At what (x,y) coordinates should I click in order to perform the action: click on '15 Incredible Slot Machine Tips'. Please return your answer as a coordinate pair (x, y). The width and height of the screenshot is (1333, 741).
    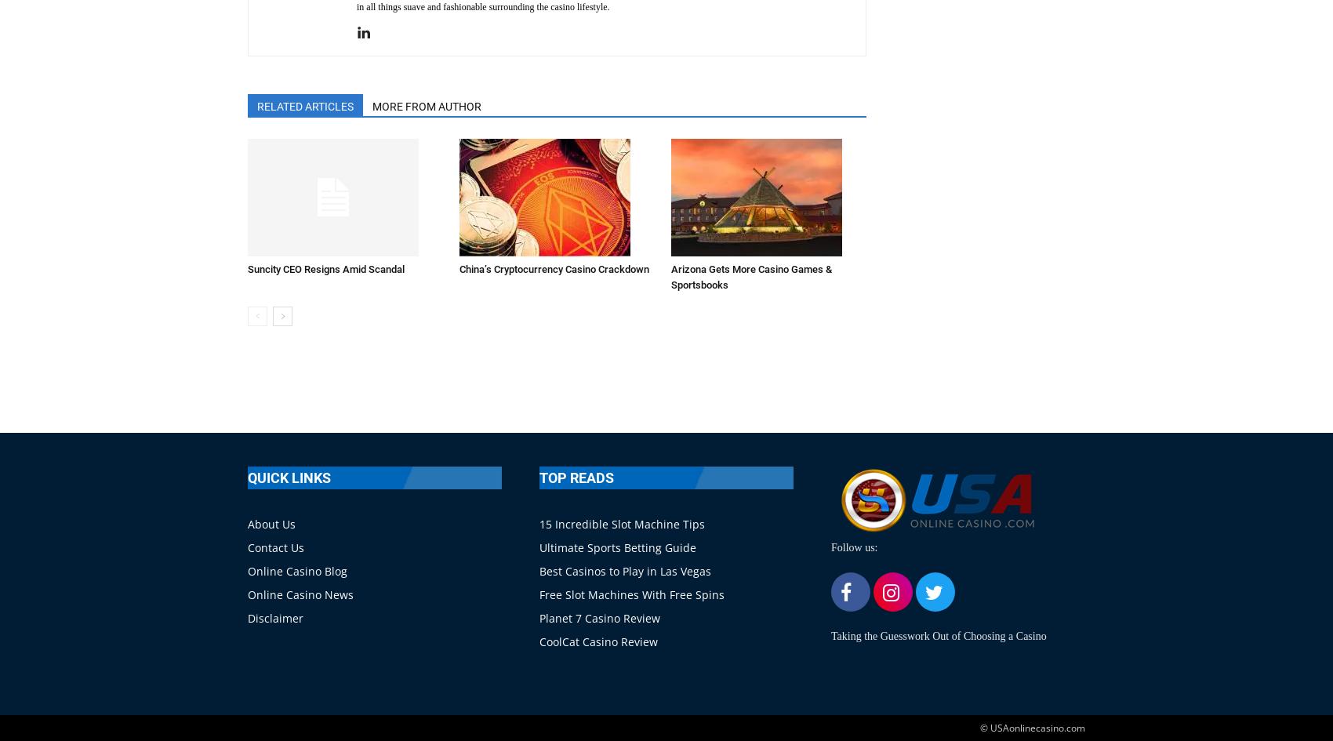
    Looking at the image, I should click on (538, 523).